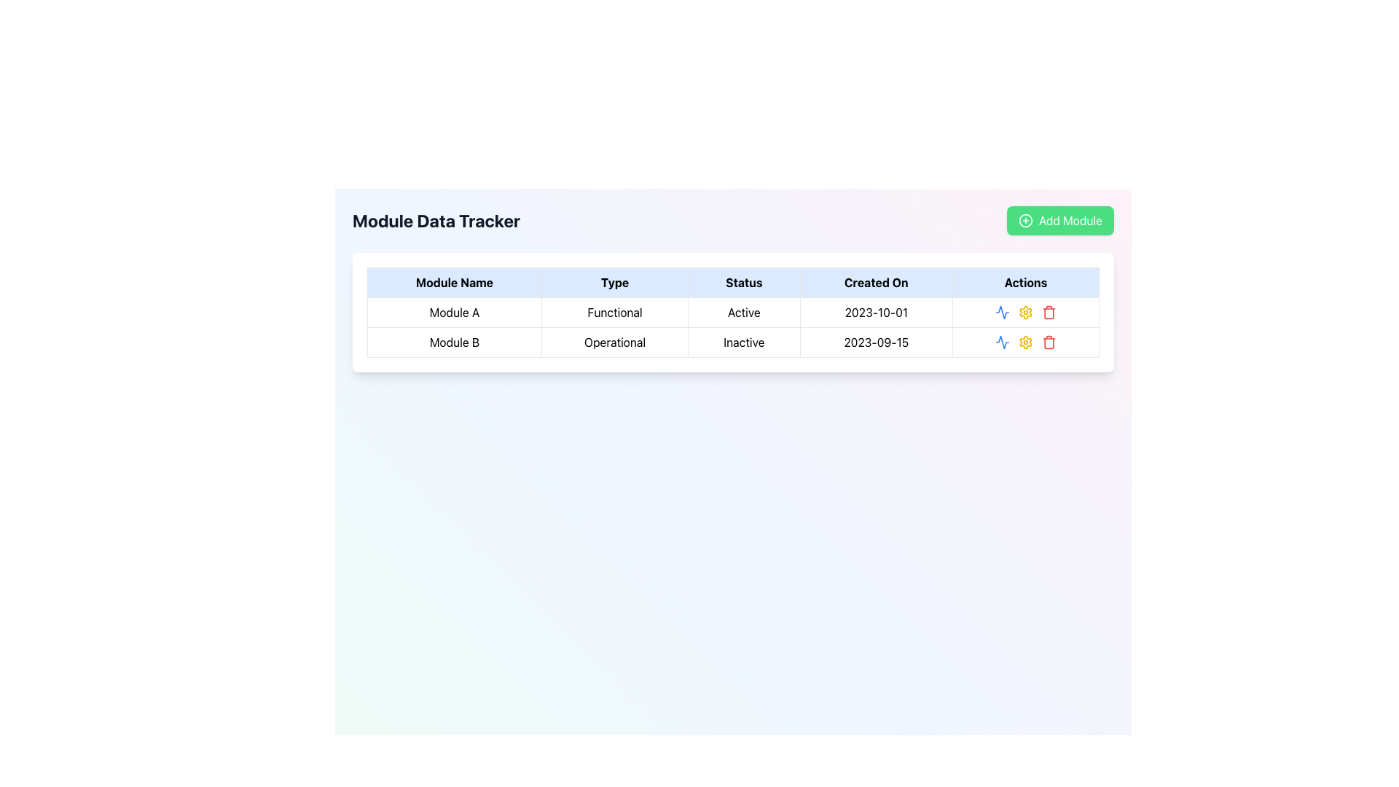 The image size is (1399, 787). What do you see at coordinates (744, 342) in the screenshot?
I see `the 'Inactive' status text label in the second row of the table under the 'Status' column` at bounding box center [744, 342].